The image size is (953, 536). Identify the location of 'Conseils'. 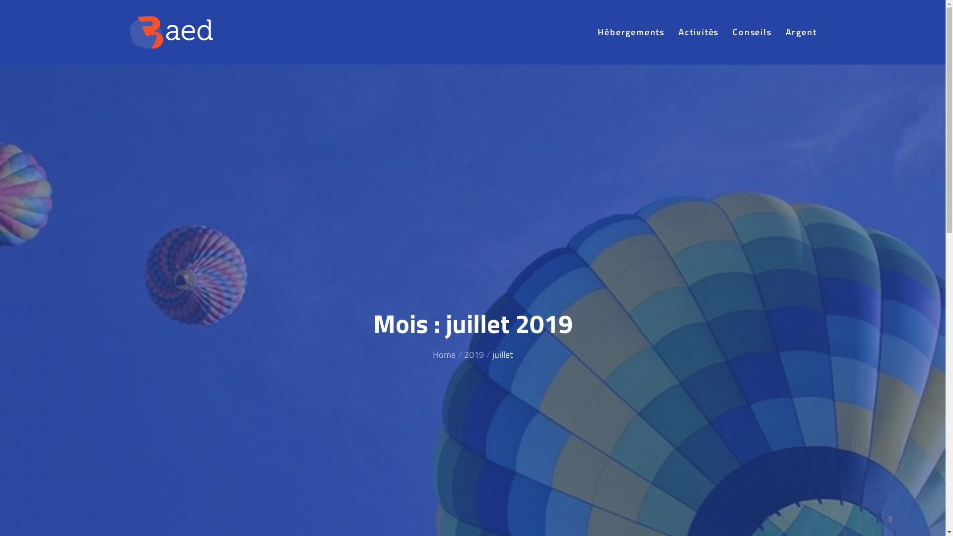
(752, 31).